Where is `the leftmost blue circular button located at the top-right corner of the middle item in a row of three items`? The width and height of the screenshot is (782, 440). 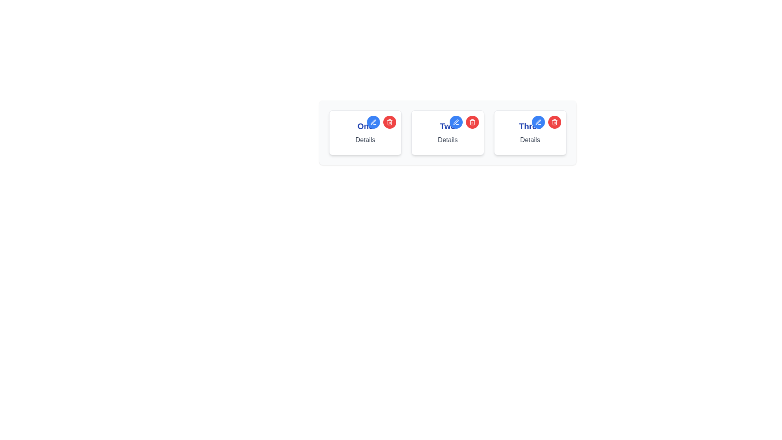 the leftmost blue circular button located at the top-right corner of the middle item in a row of three items is located at coordinates (455, 122).